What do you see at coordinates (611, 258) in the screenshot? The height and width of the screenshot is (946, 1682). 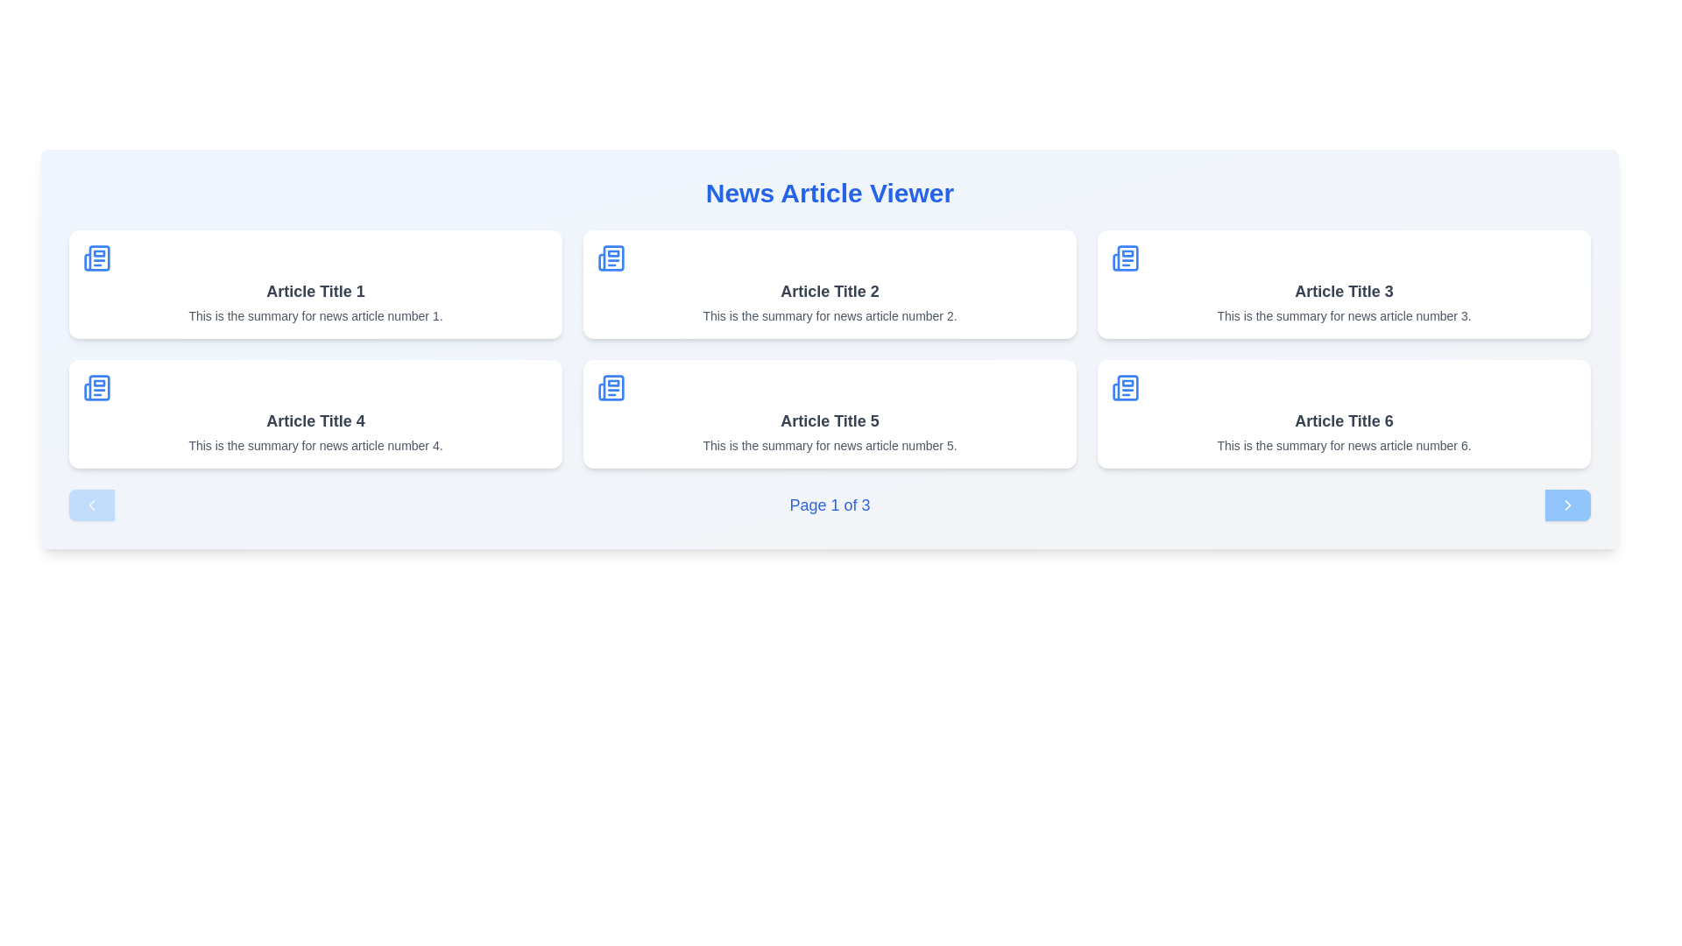 I see `the newspaper icon located in the top-left corner of the card titled 'Article Title 2', which indicates news articles or posts` at bounding box center [611, 258].